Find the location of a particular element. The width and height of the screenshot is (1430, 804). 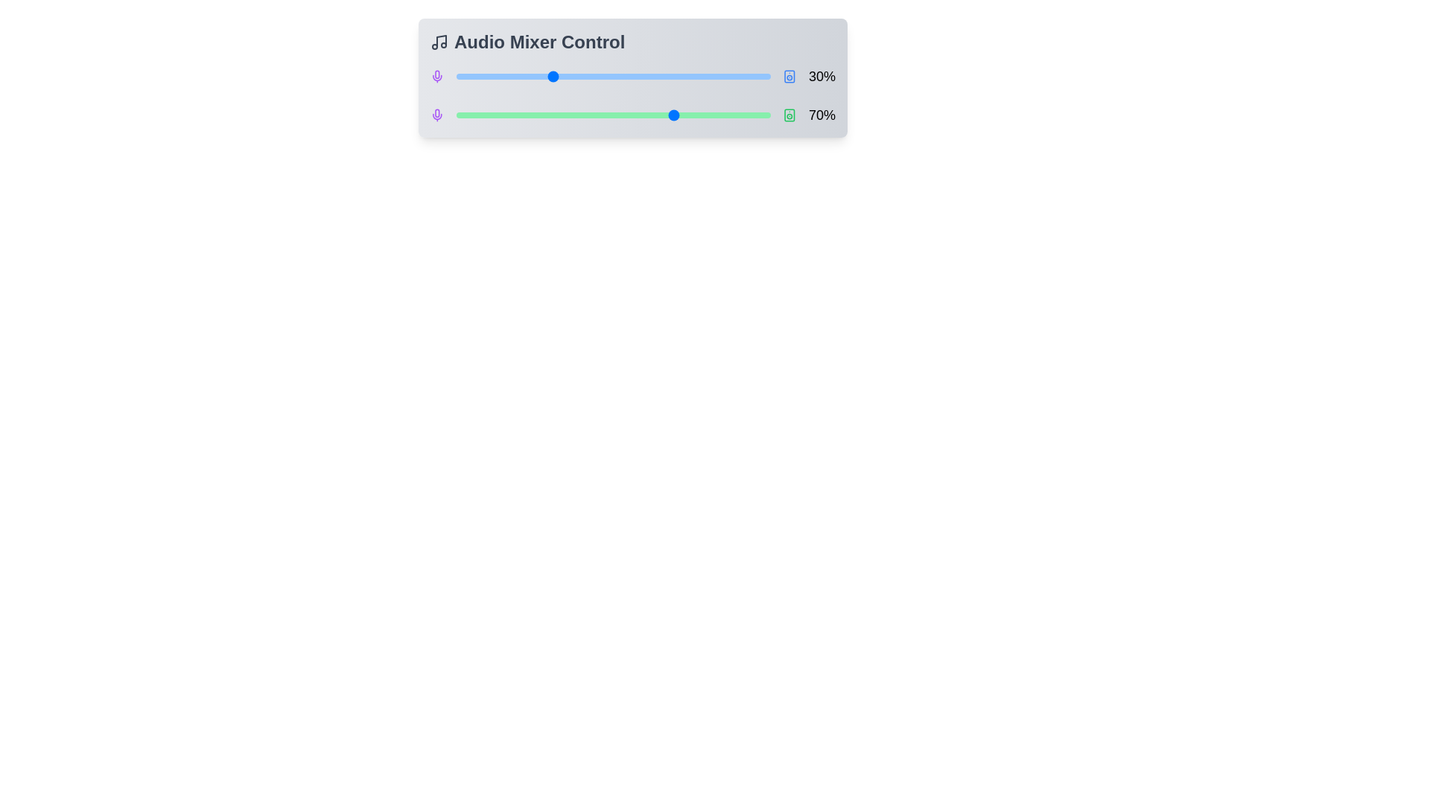

the slider is located at coordinates (562, 77).